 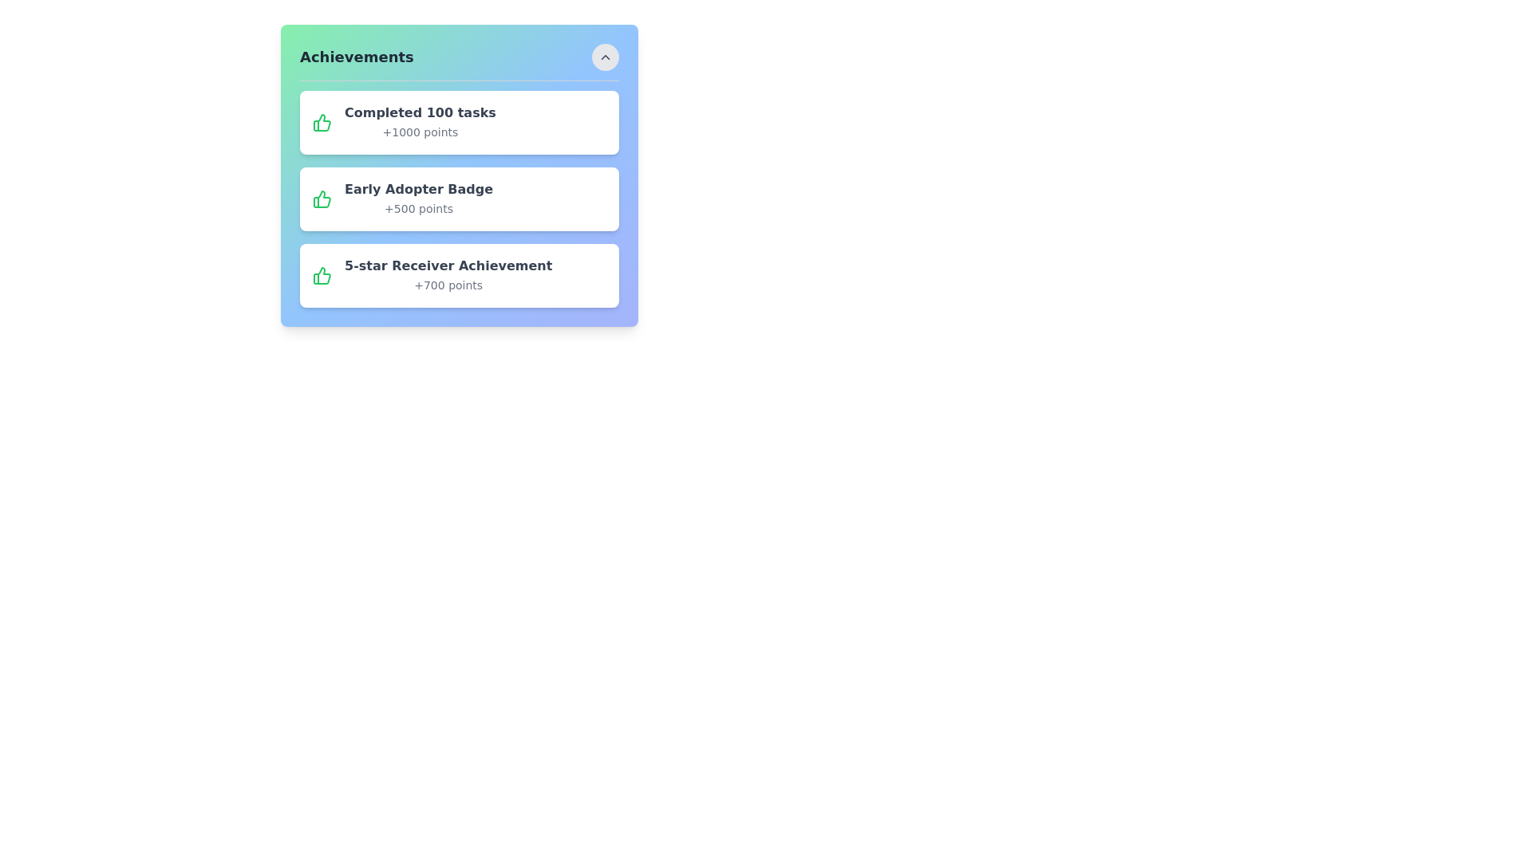 I want to click on the achievement title text label located in the third box of the 'Achievements' list, which describes the acquired achievement, so click(x=448, y=265).